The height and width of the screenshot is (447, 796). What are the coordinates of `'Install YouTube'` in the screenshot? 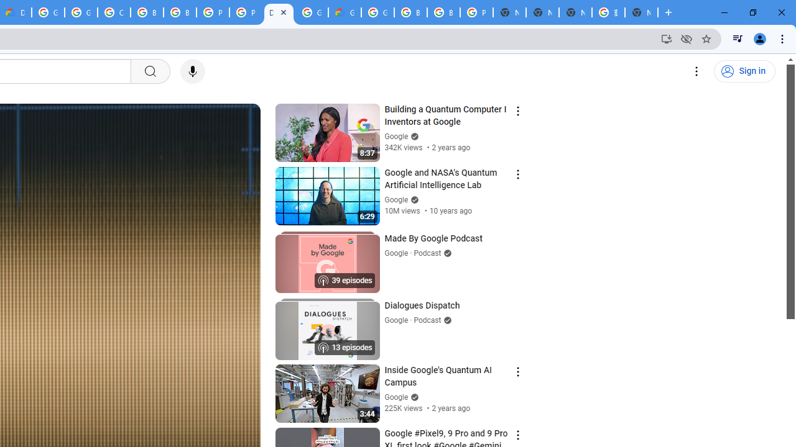 It's located at (666, 38).